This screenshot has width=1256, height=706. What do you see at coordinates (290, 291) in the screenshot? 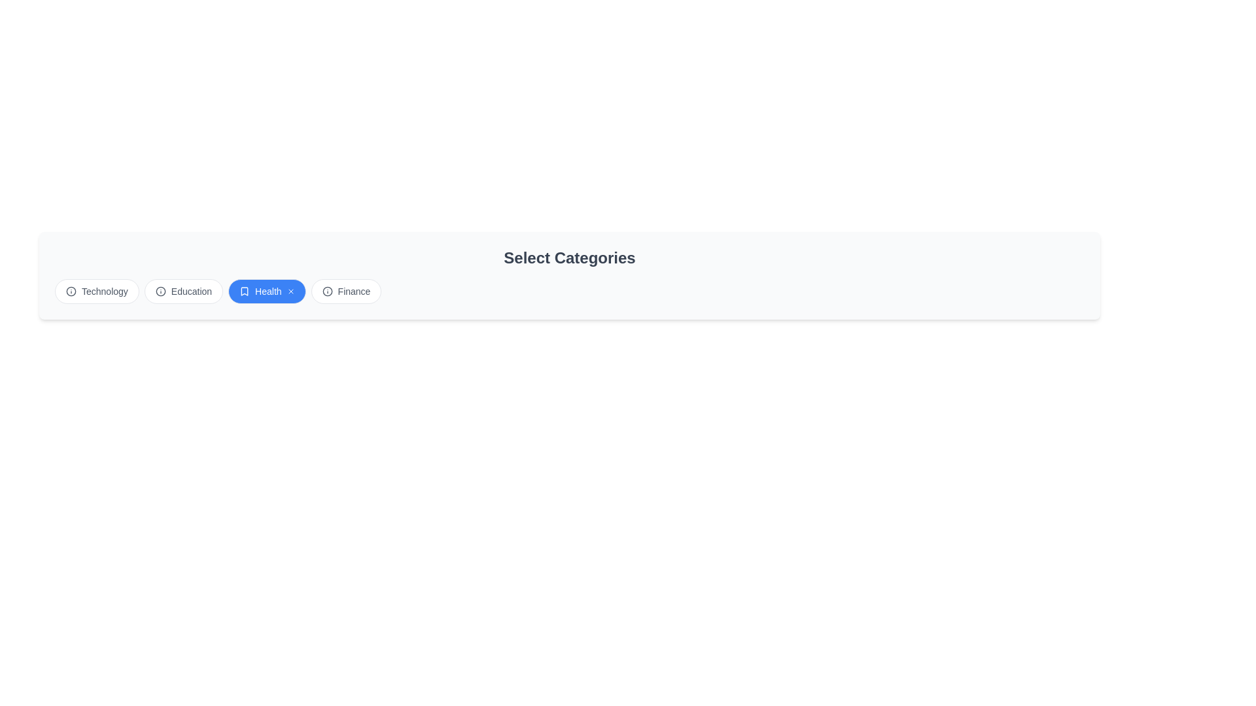
I see `the close (X) icon of the 'Health' category to deselect it` at bounding box center [290, 291].